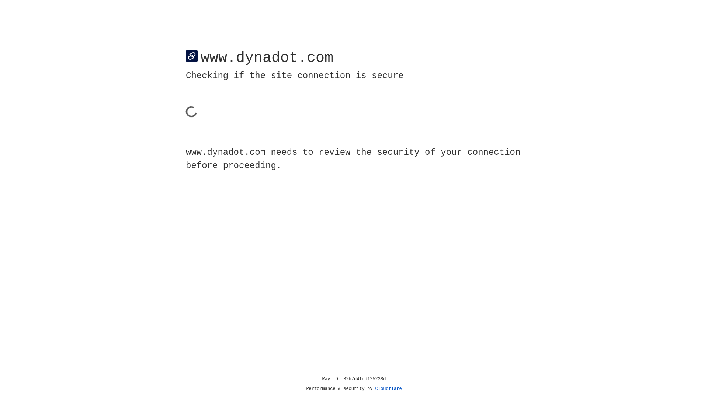  Describe the element at coordinates (388, 388) in the screenshot. I see `'Cloudflare'` at that location.